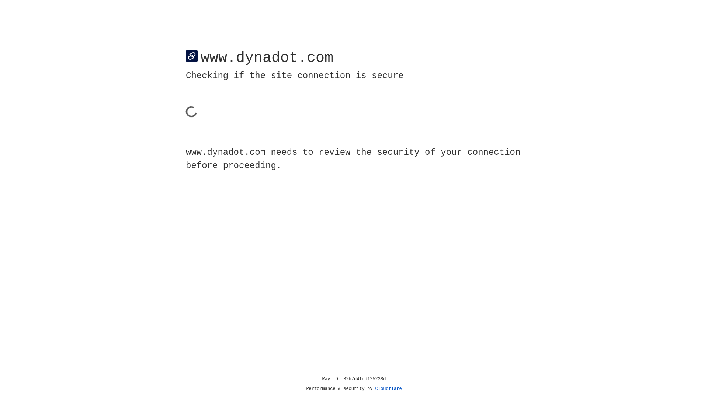  Describe the element at coordinates (388, 388) in the screenshot. I see `'Cloudflare'` at that location.